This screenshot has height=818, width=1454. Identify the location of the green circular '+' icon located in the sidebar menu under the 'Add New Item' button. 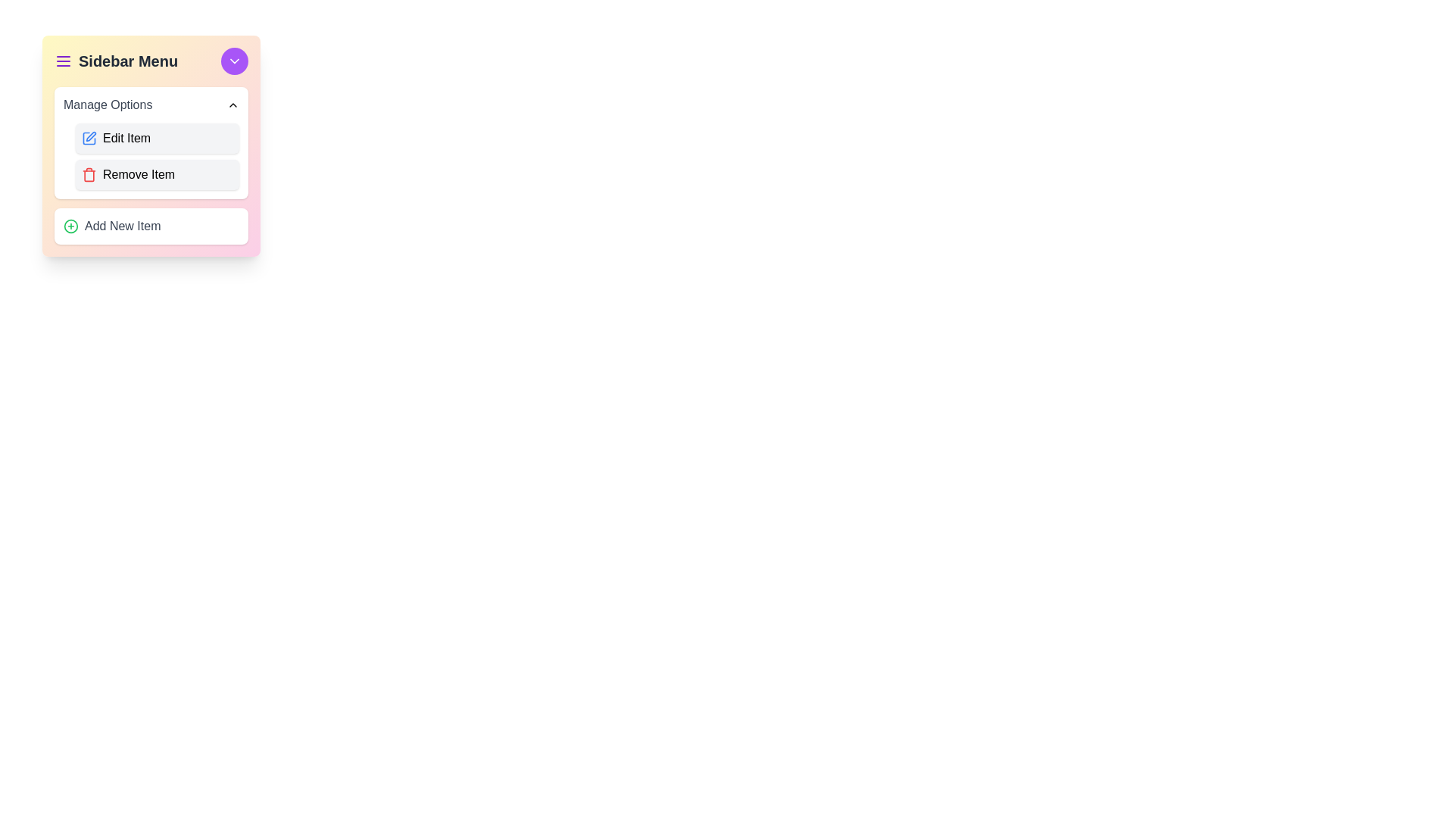
(70, 226).